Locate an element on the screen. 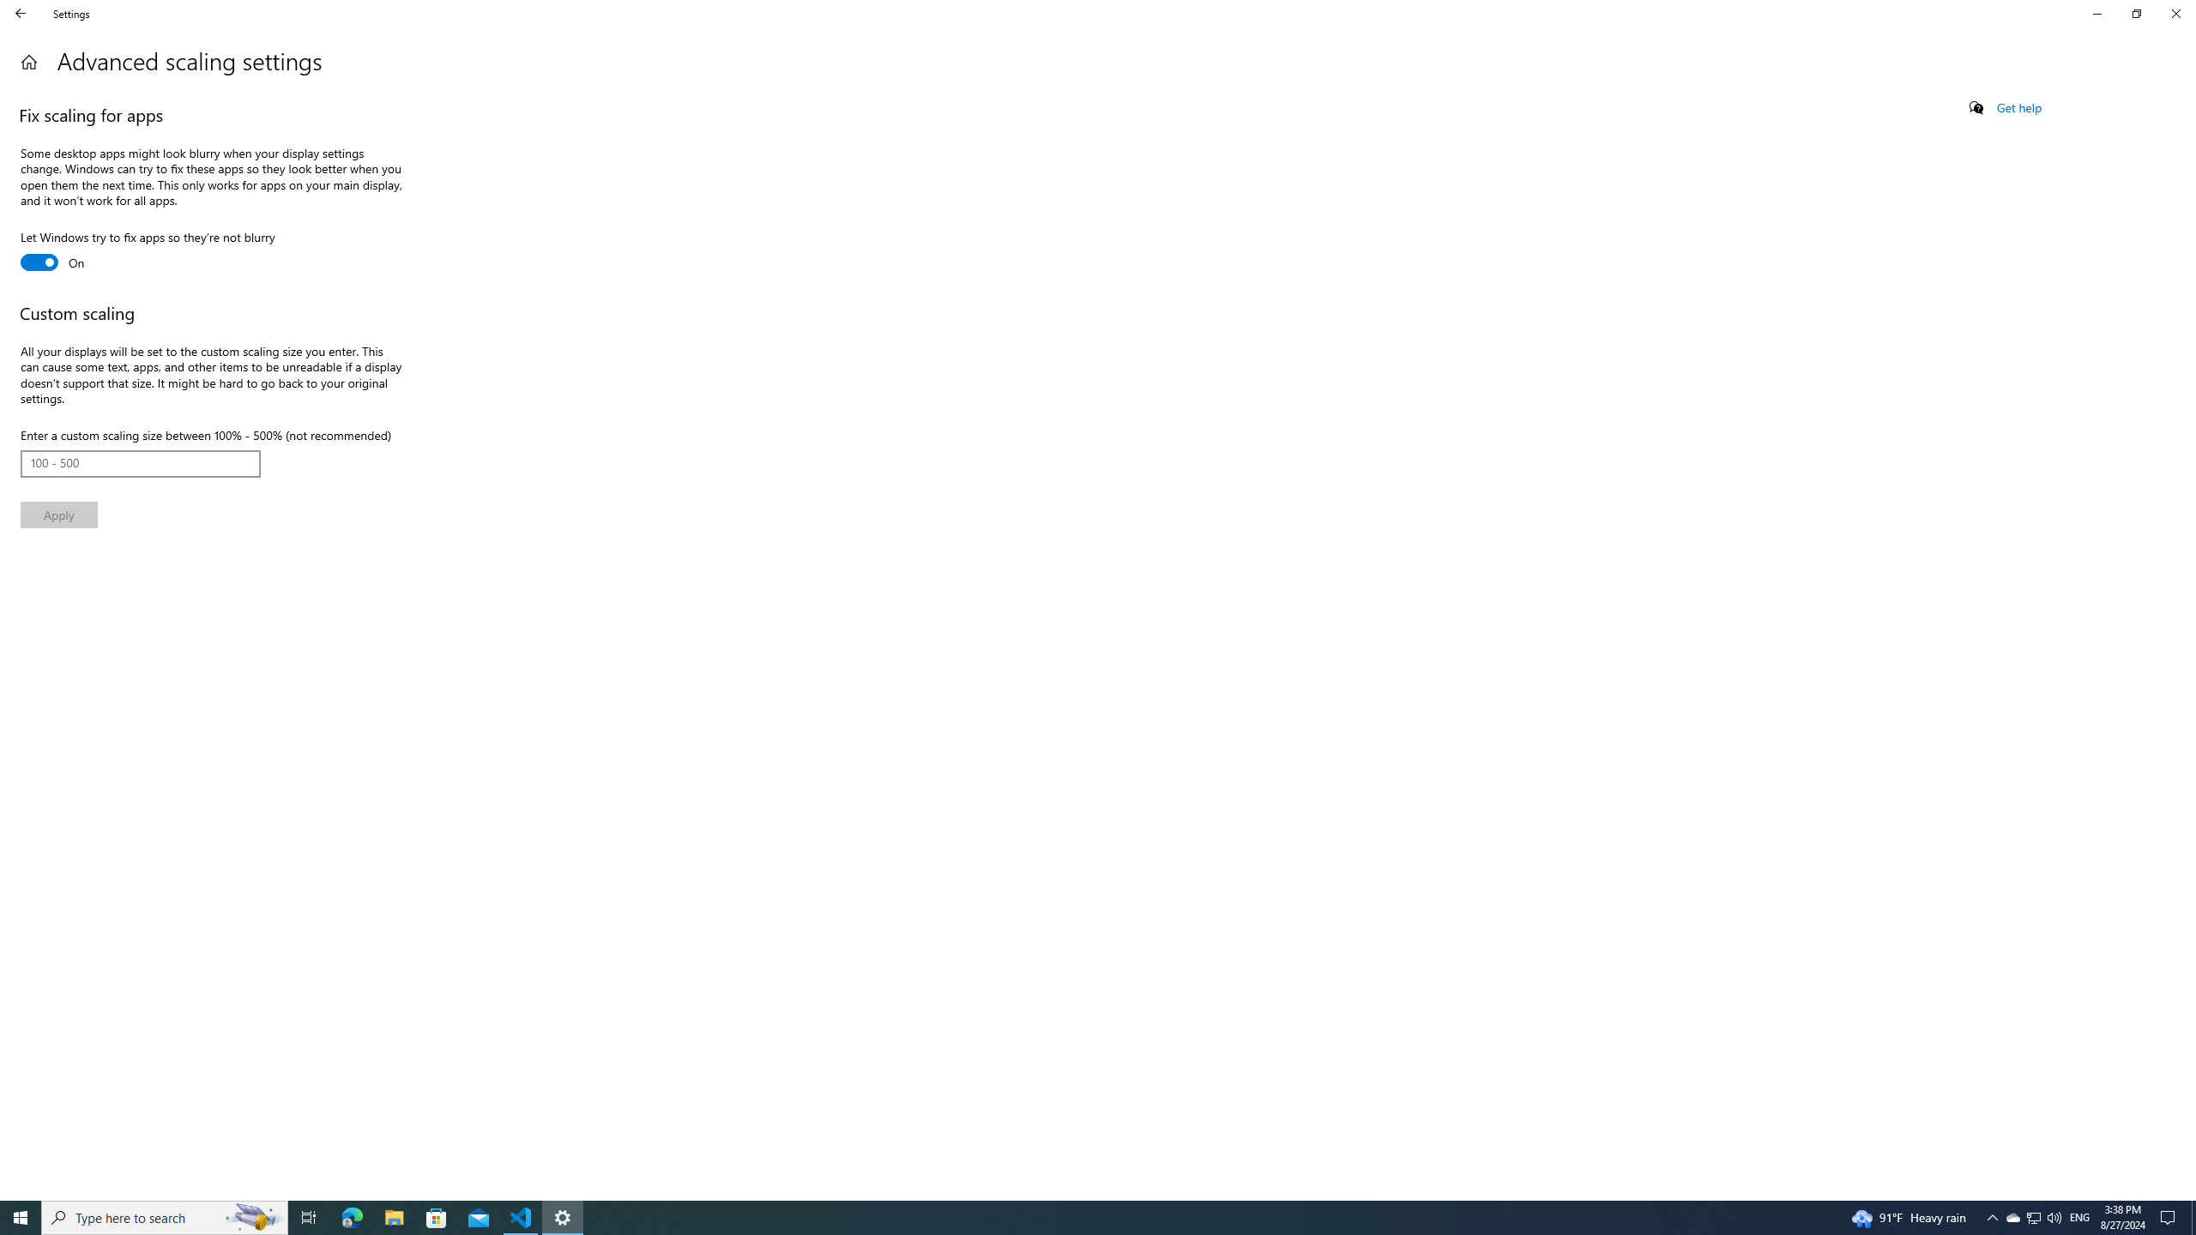  'Microsoft Store' is located at coordinates (437, 1216).